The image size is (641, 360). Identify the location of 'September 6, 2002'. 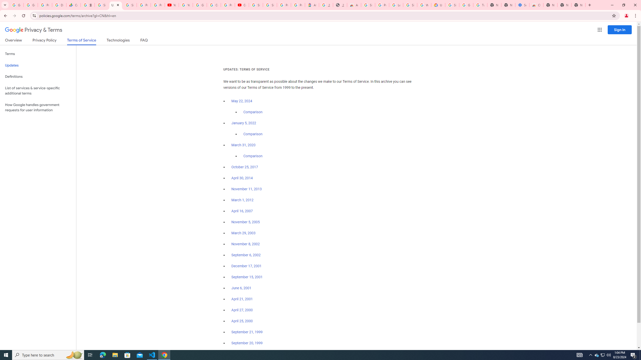
(246, 255).